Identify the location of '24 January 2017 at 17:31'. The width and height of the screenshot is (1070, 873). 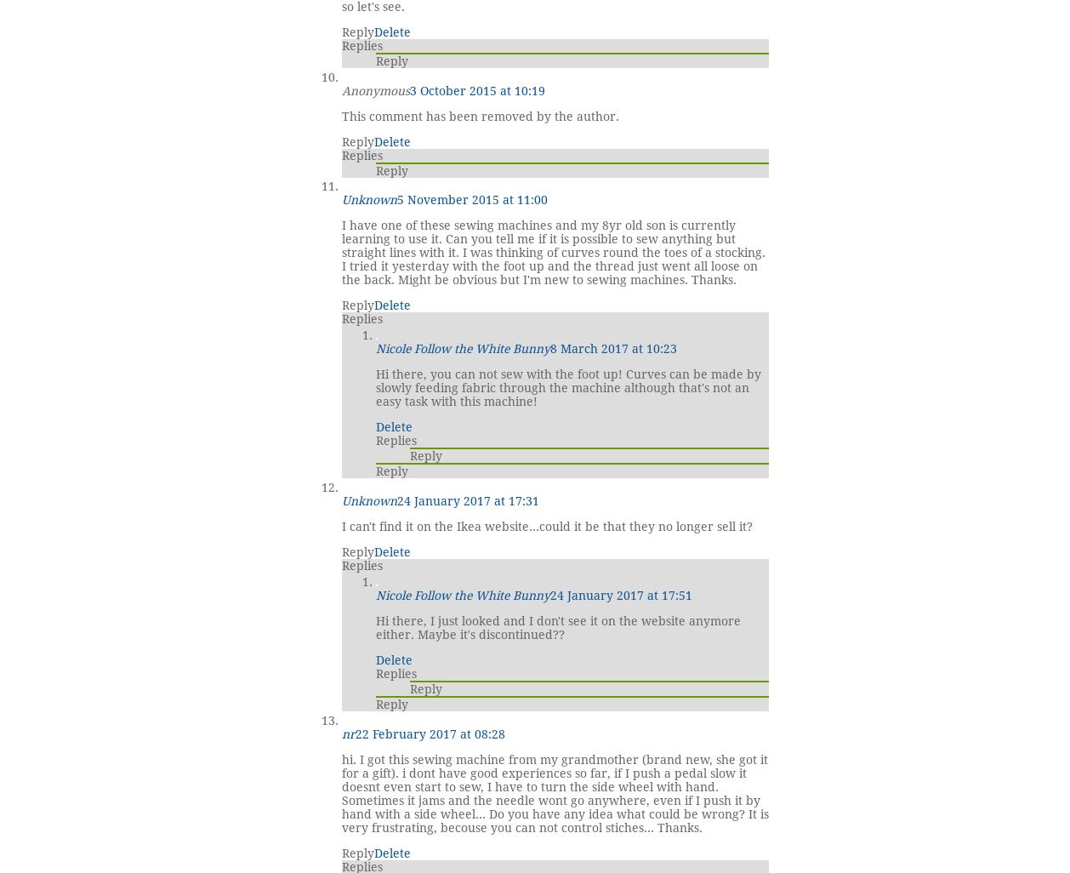
(467, 499).